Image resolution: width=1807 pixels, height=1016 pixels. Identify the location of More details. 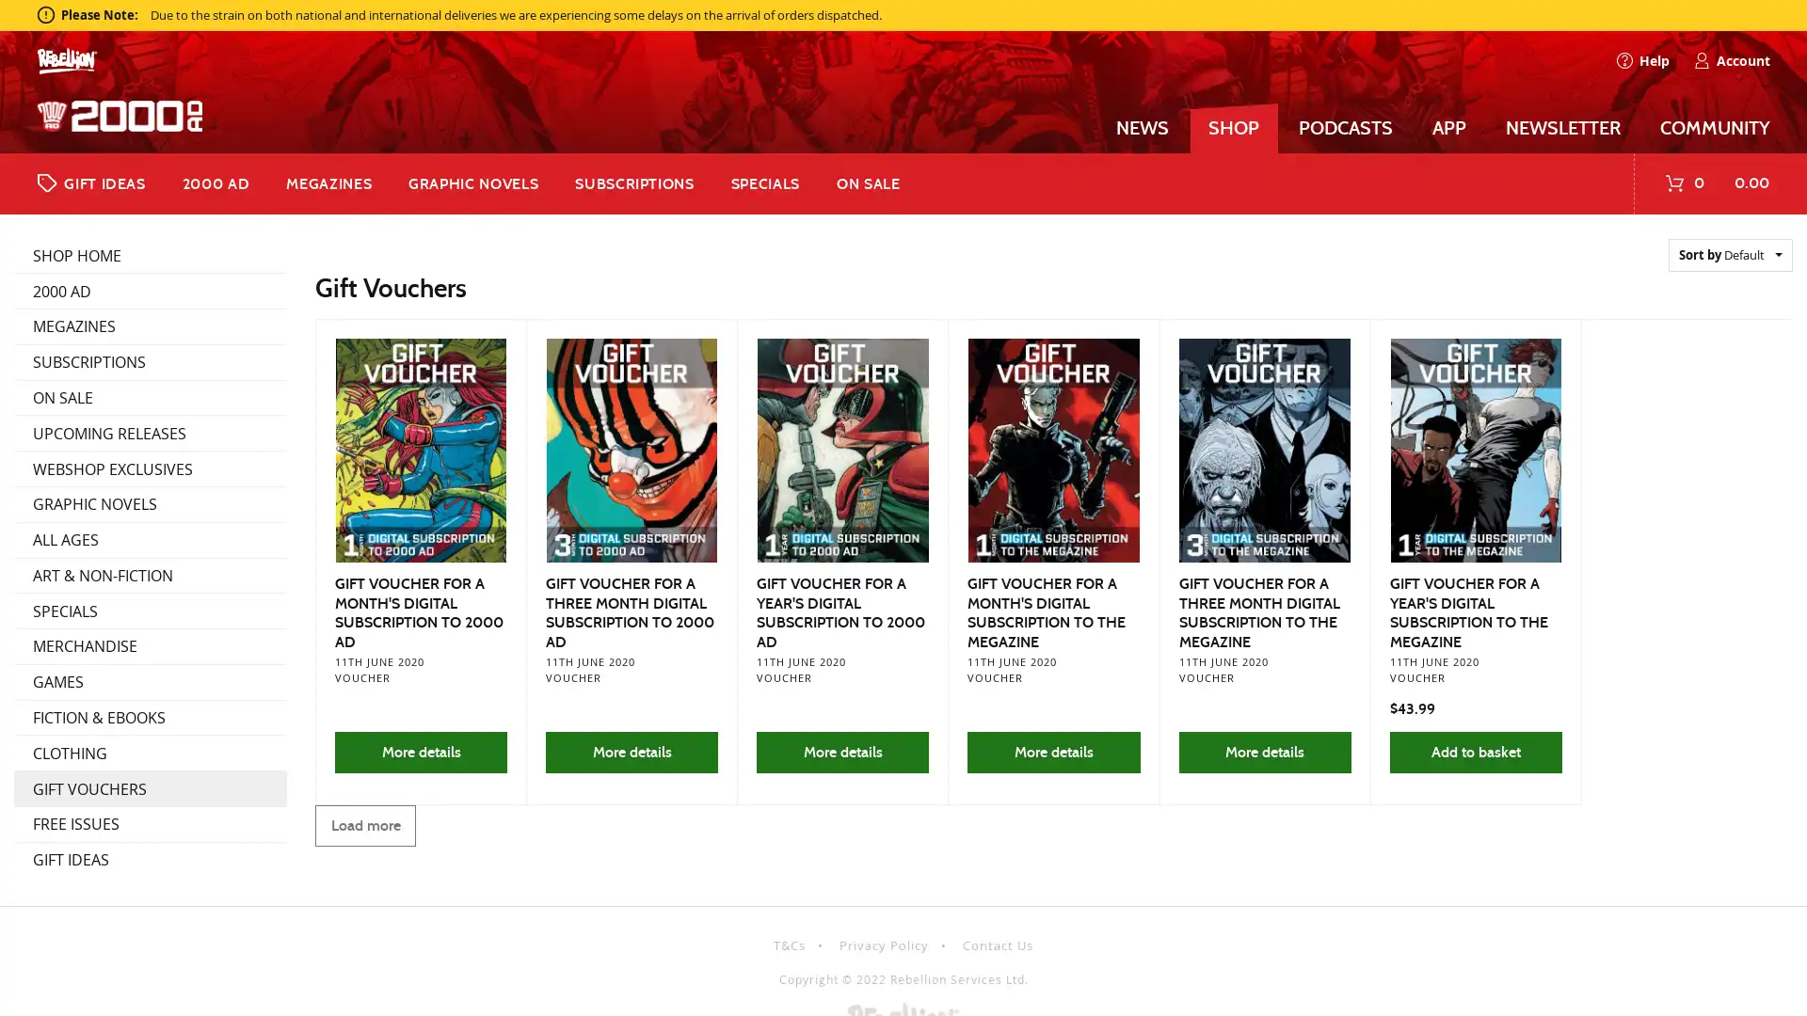
(632, 751).